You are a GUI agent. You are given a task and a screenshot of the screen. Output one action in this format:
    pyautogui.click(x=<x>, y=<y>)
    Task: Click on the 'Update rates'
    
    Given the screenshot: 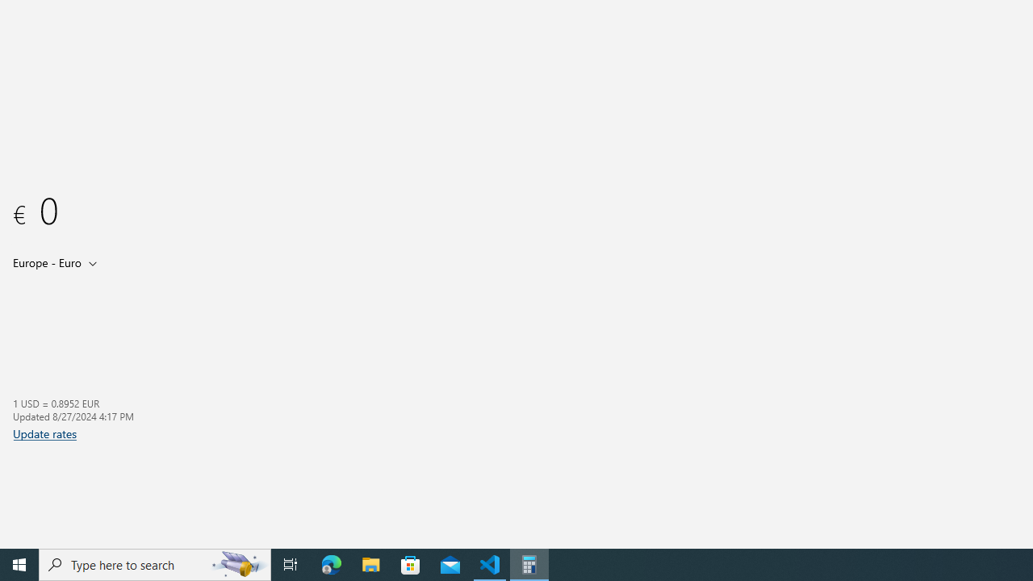 What is the action you would take?
    pyautogui.click(x=44, y=433)
    